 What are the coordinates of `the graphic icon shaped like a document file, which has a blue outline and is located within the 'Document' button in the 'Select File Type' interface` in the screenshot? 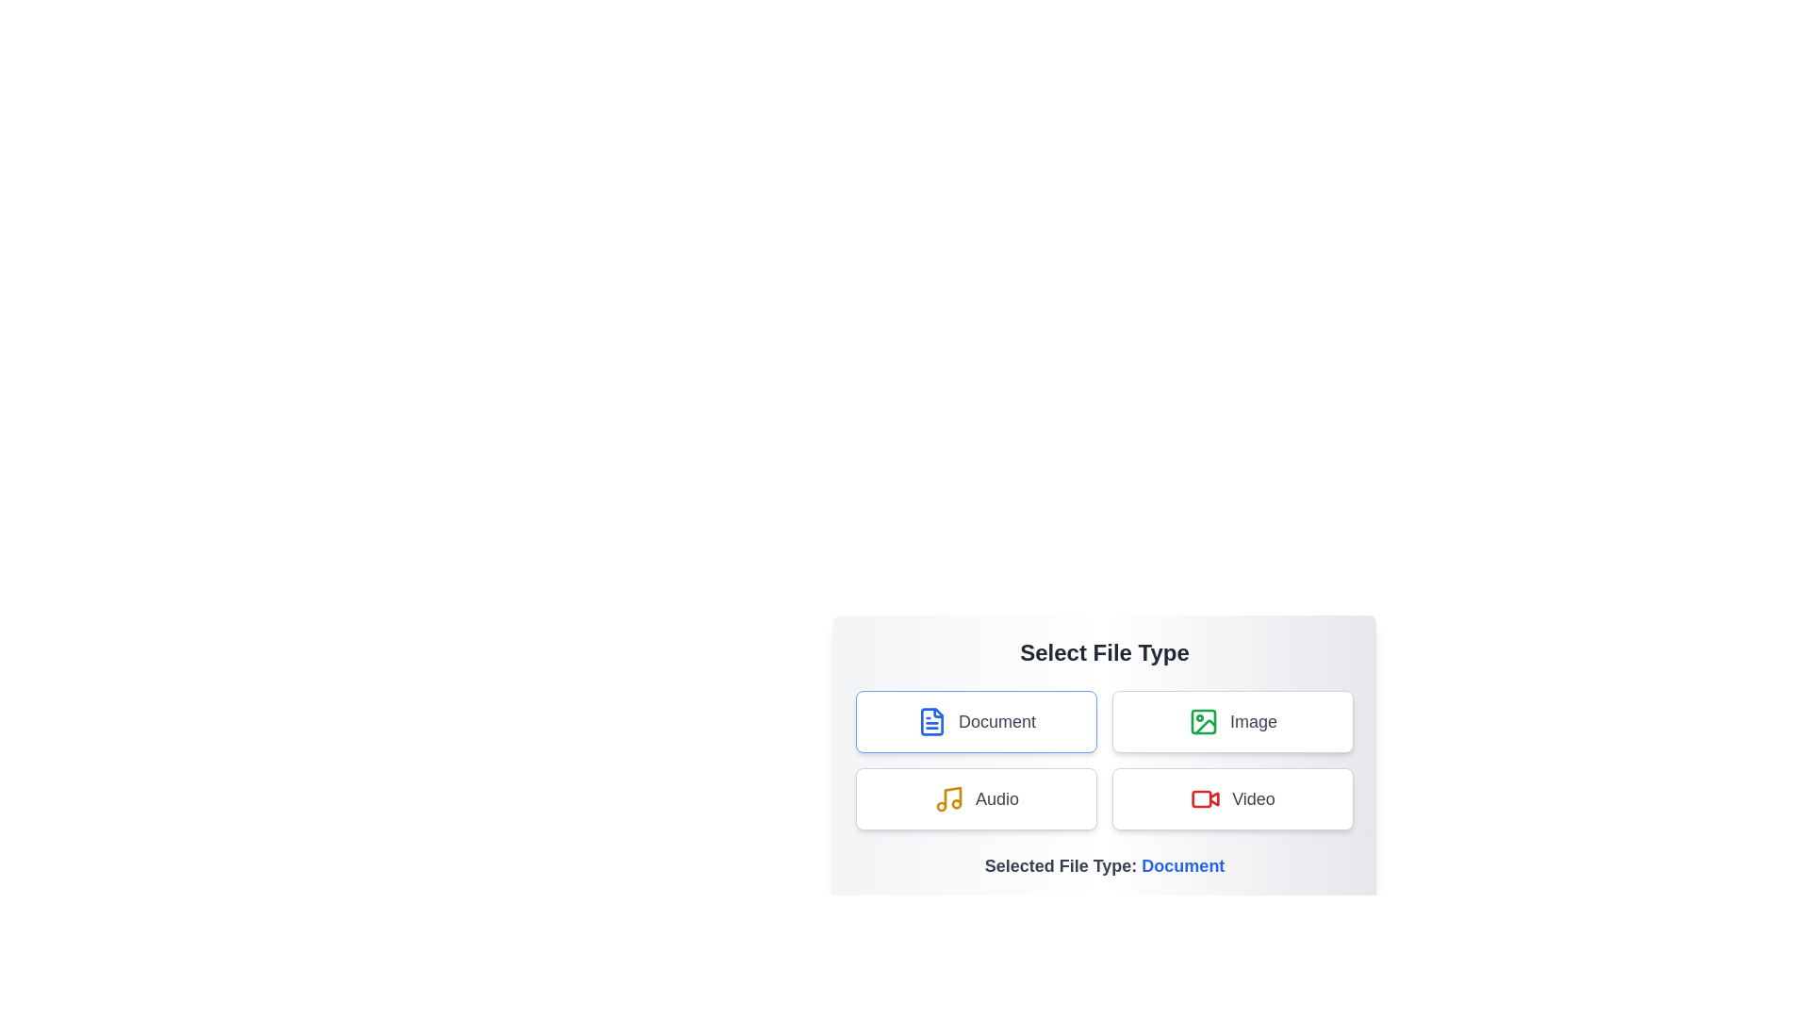 It's located at (931, 721).